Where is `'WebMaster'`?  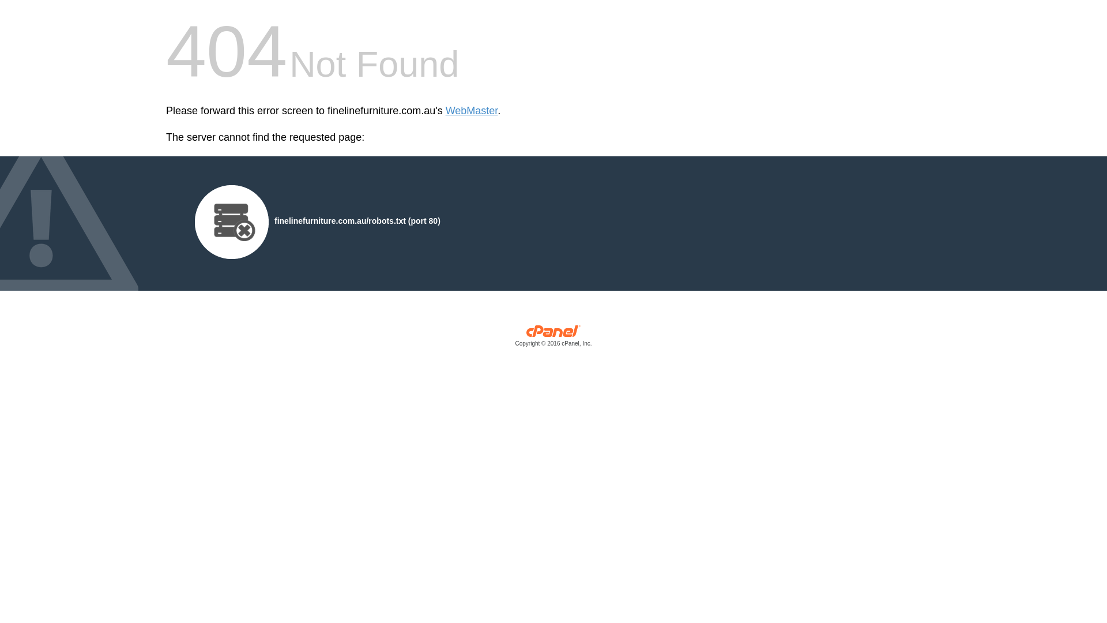
'WebMaster' is located at coordinates (472, 111).